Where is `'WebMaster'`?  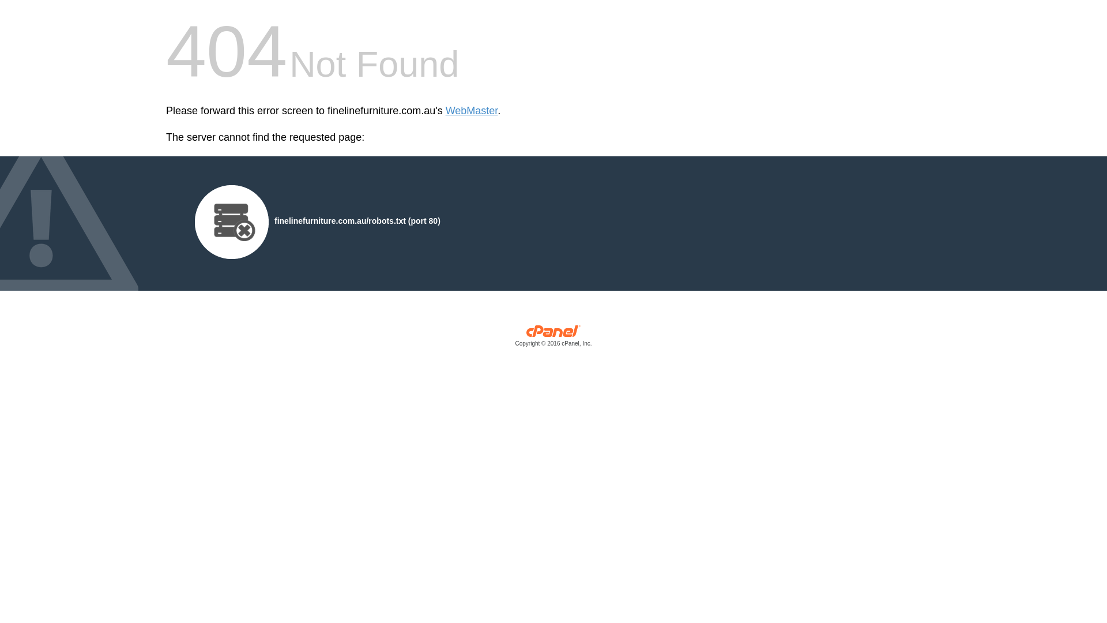
'WebMaster' is located at coordinates (472, 111).